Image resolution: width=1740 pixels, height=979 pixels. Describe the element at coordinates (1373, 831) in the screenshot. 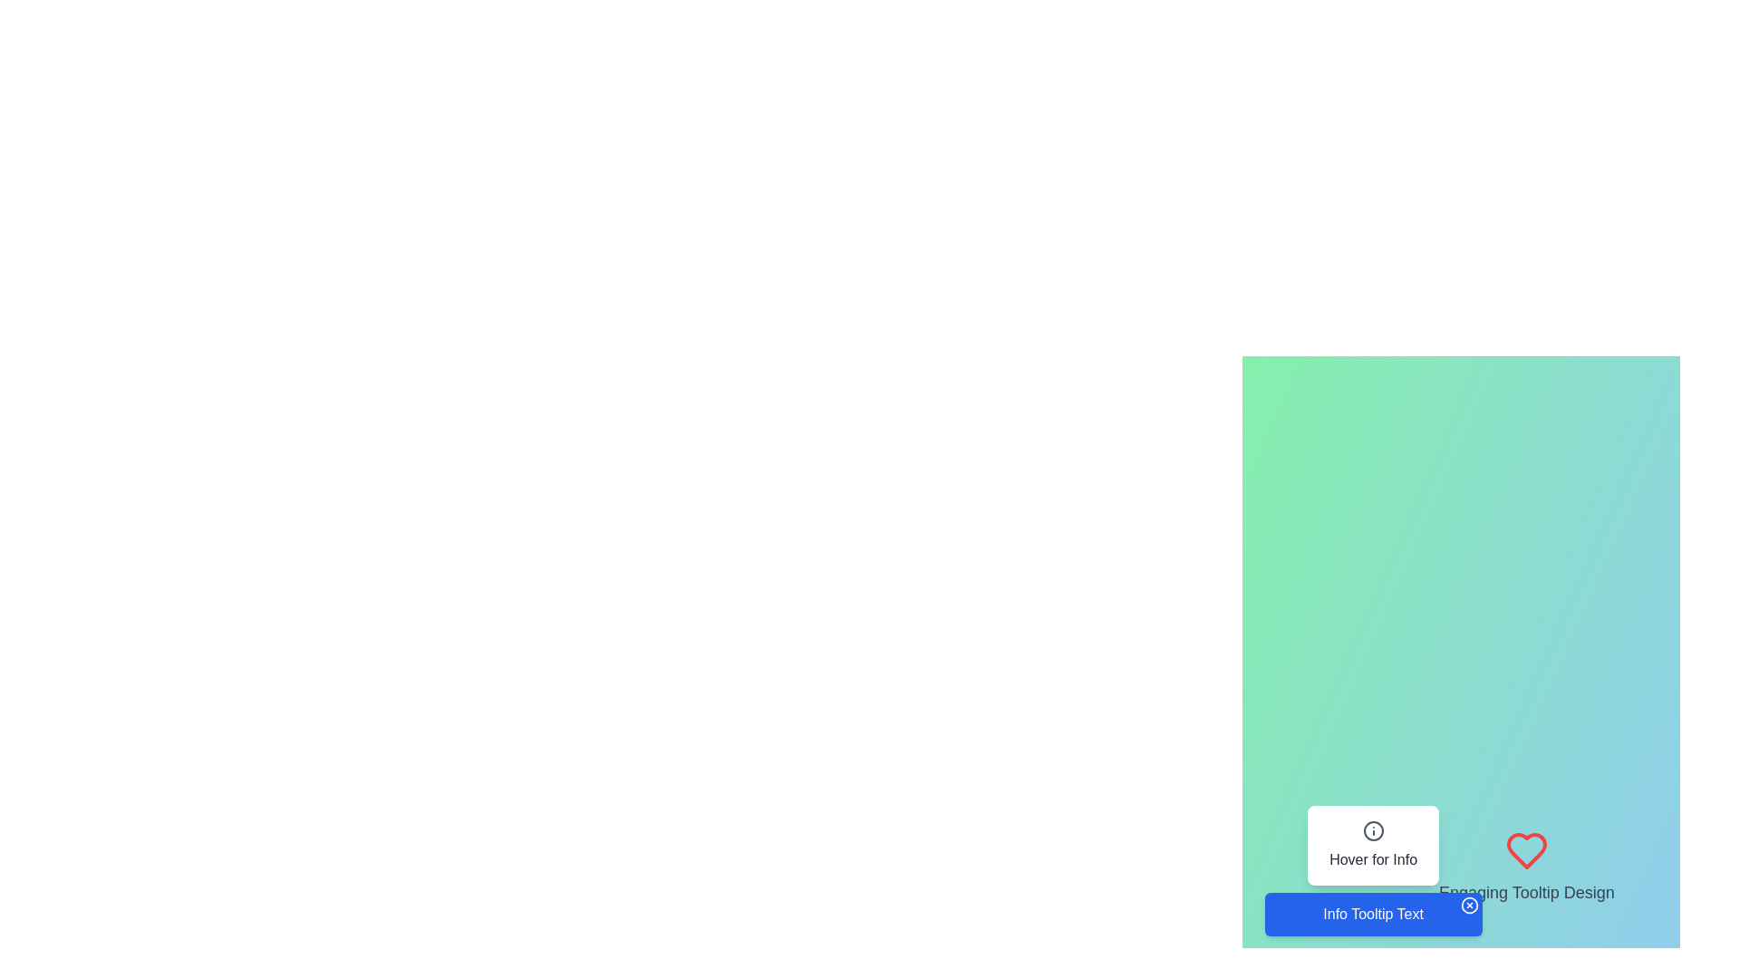

I see `the icon that indicates additional information, which is located at the top of a white card labeled 'Hover for Info'` at that location.